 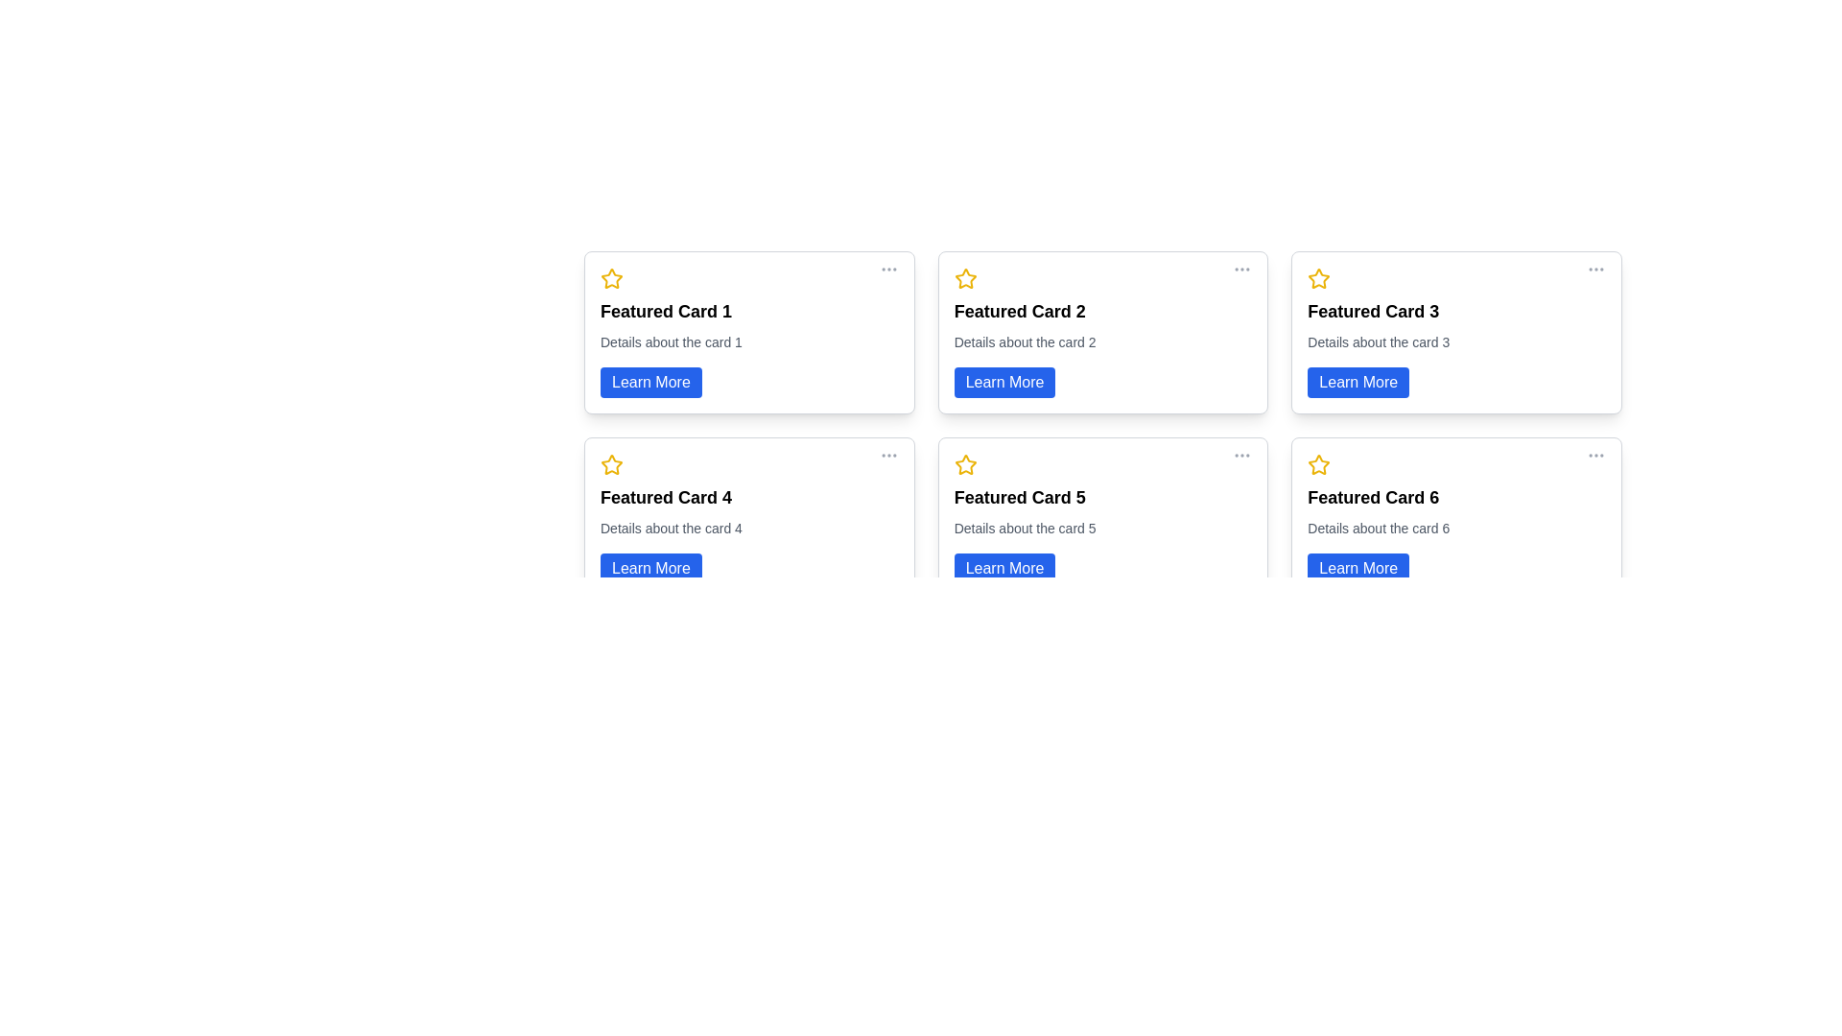 I want to click on the indicator icon at the top left corner of the 'Featured Card 5', which serves as a favorite or rating feature, so click(x=965, y=465).